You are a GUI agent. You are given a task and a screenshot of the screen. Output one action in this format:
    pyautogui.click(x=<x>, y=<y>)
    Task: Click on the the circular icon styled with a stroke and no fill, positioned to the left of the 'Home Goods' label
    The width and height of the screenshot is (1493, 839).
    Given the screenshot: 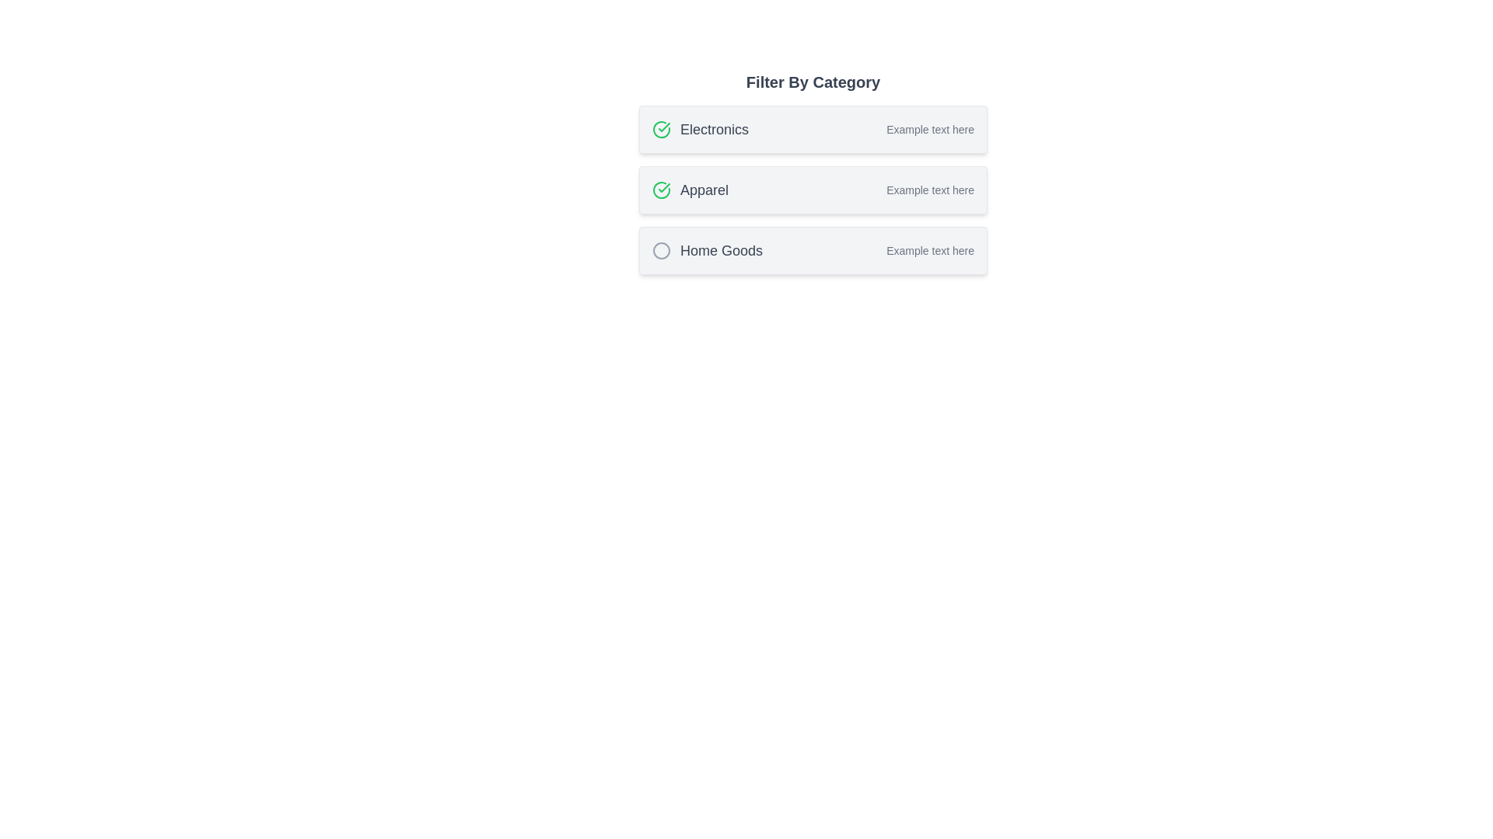 What is the action you would take?
    pyautogui.click(x=661, y=250)
    